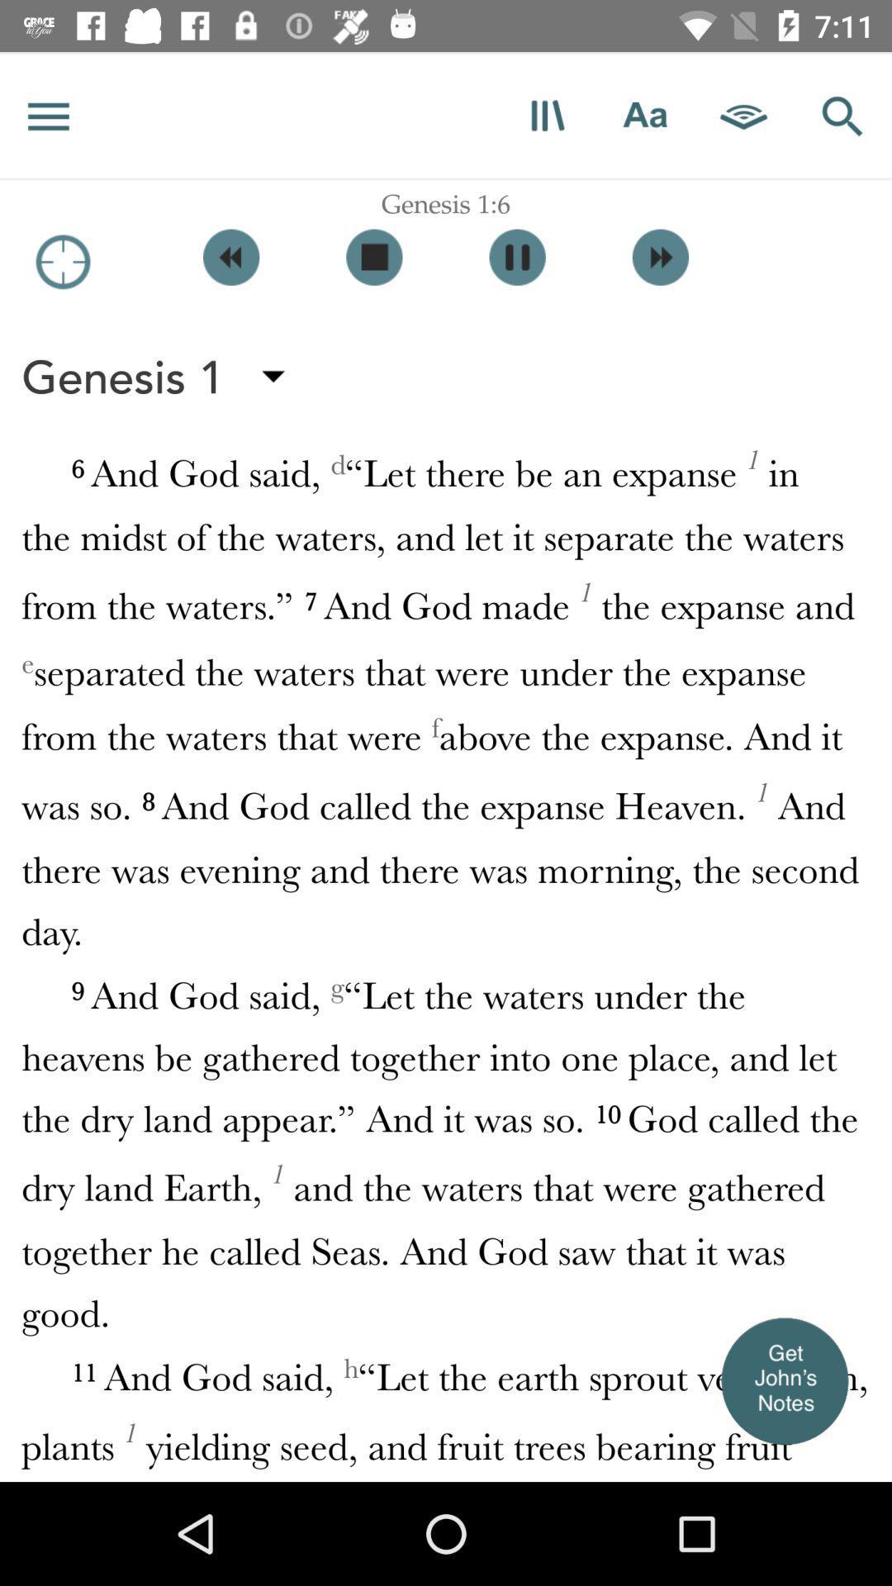 This screenshot has width=892, height=1586. What do you see at coordinates (783, 1380) in the screenshot?
I see `the avatar icon` at bounding box center [783, 1380].